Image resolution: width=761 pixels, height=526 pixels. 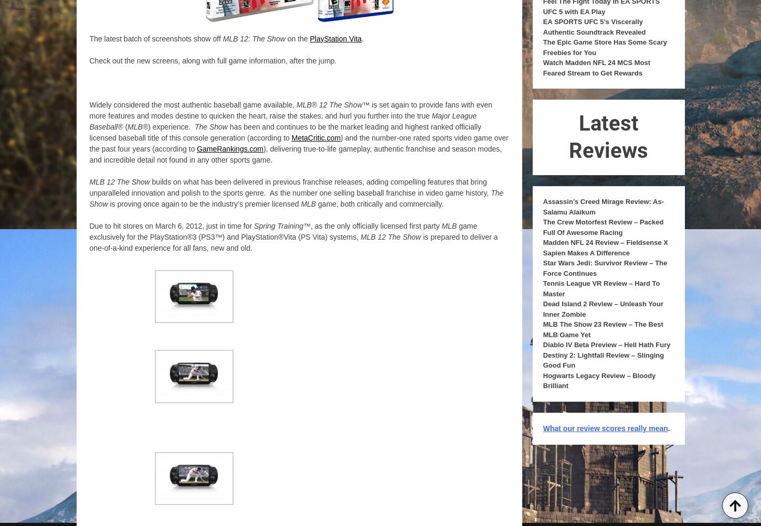 What do you see at coordinates (594, 26) in the screenshot?
I see `'EA SPORTS UFC 5’s Viscerally Authentic Soundtrack Revealed'` at bounding box center [594, 26].